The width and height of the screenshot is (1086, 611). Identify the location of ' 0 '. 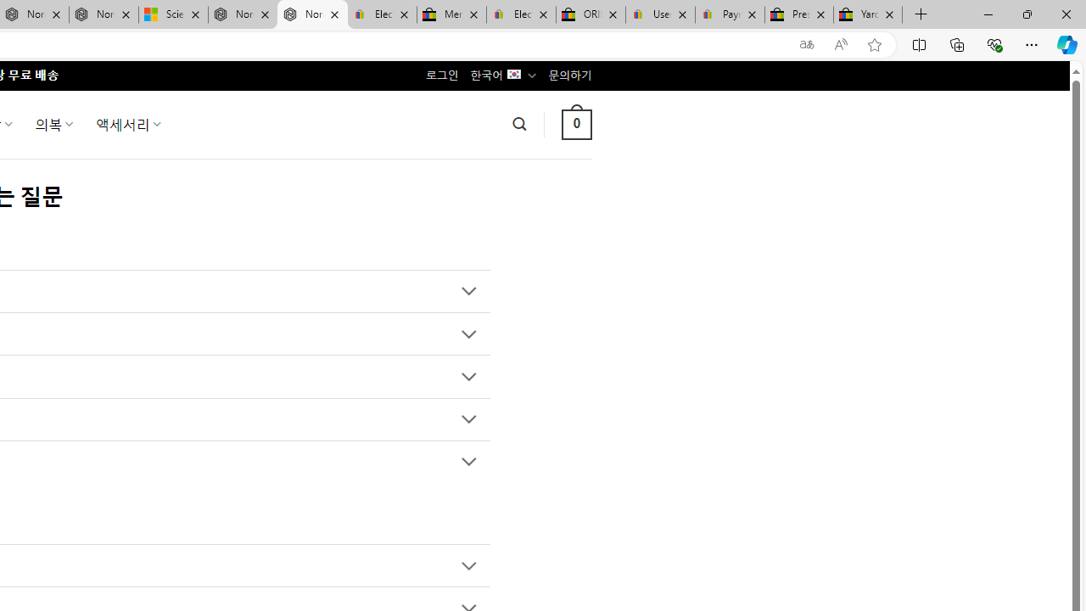
(576, 123).